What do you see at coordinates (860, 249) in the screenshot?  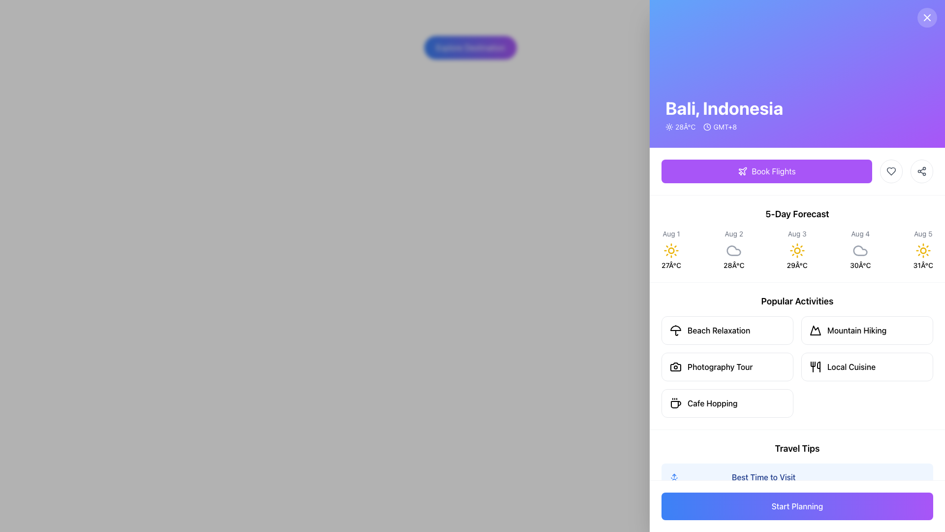 I see `displayed temperature from the fourth weather forecast tile in the 5-day forecast grid, located between 'Aug 3 29°C' and 'Aug 5 31°C'` at bounding box center [860, 249].